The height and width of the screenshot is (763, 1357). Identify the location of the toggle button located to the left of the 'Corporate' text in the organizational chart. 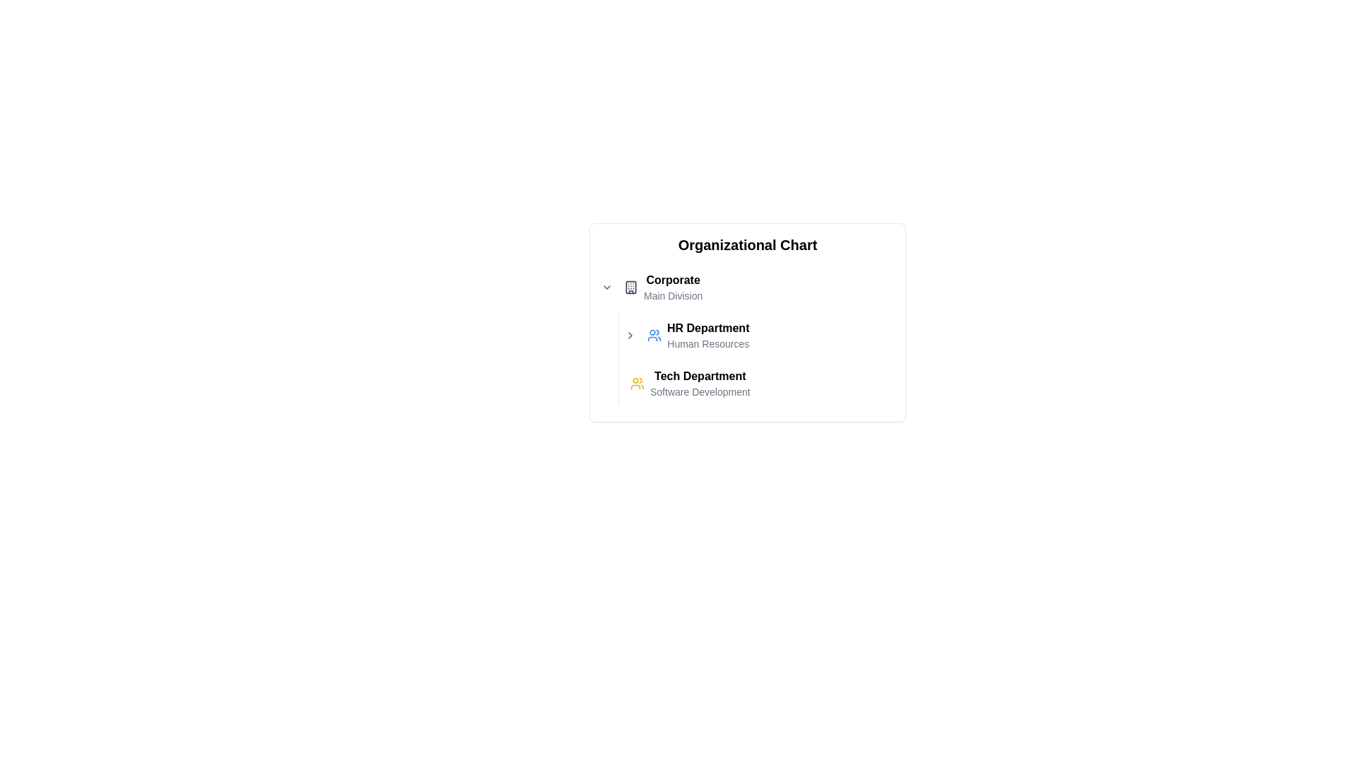
(607, 287).